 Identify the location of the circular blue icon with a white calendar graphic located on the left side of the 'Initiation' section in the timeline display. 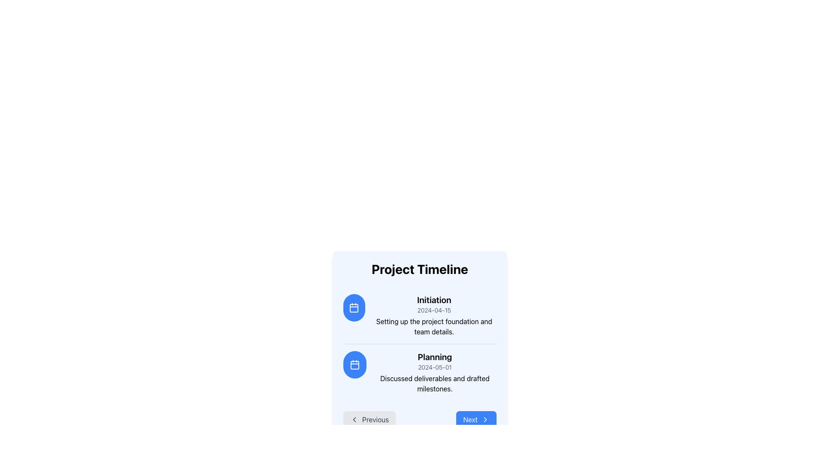
(354, 307).